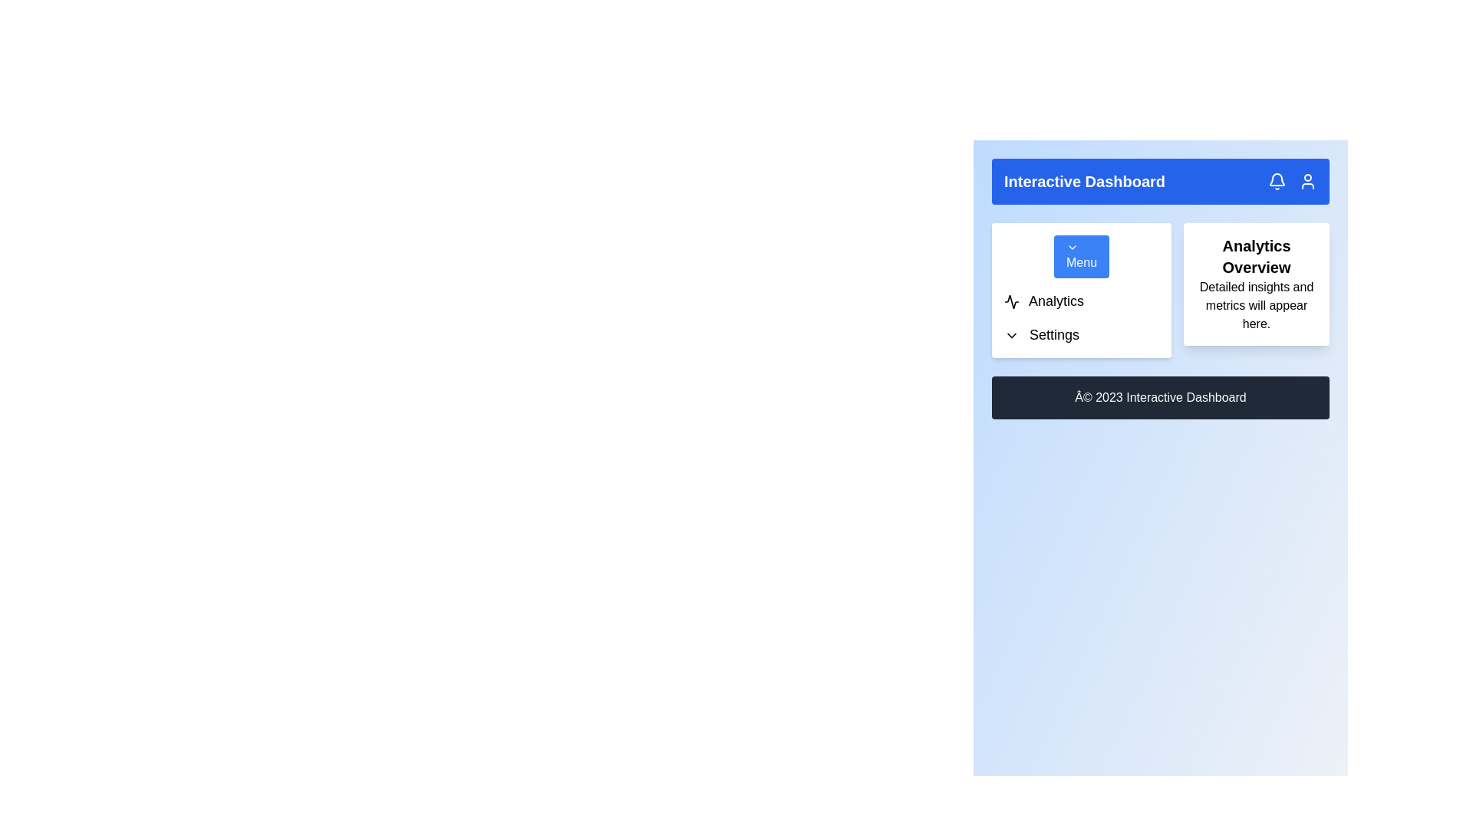  I want to click on the notifications bell icon located in the top bar near the right-hand side of the interface, adjacent to the user profile icon, so click(1277, 180).